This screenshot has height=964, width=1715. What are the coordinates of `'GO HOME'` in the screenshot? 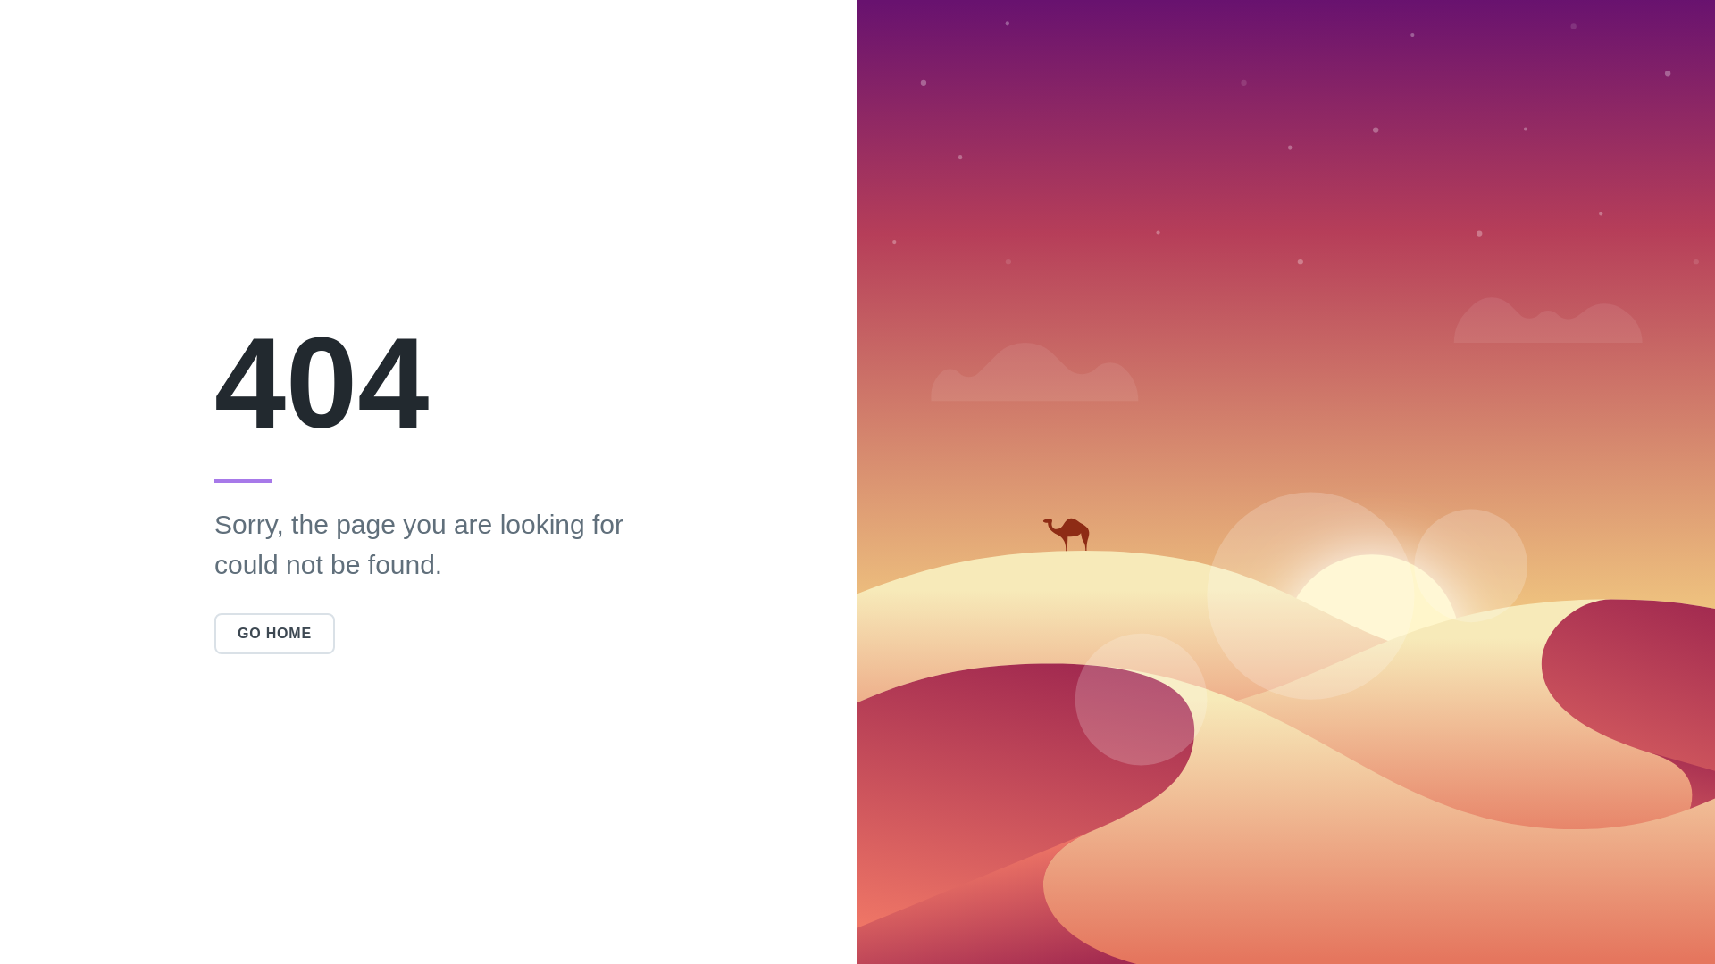 It's located at (273, 632).